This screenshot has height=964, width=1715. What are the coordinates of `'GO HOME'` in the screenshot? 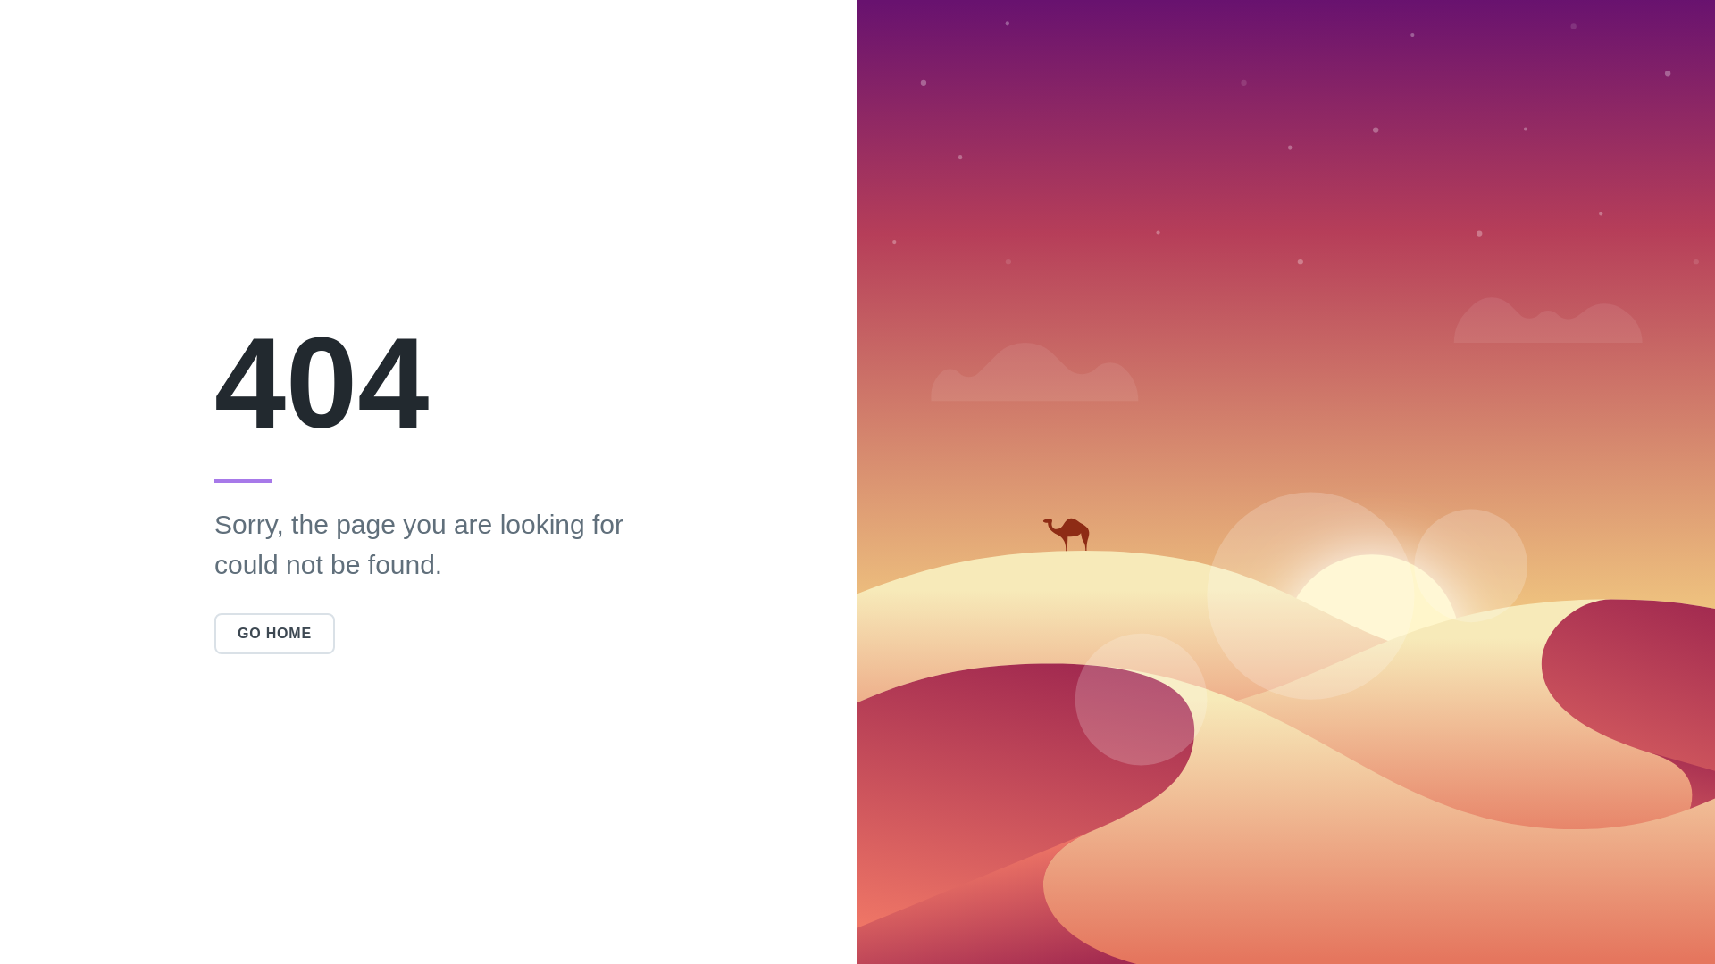 It's located at (273, 632).